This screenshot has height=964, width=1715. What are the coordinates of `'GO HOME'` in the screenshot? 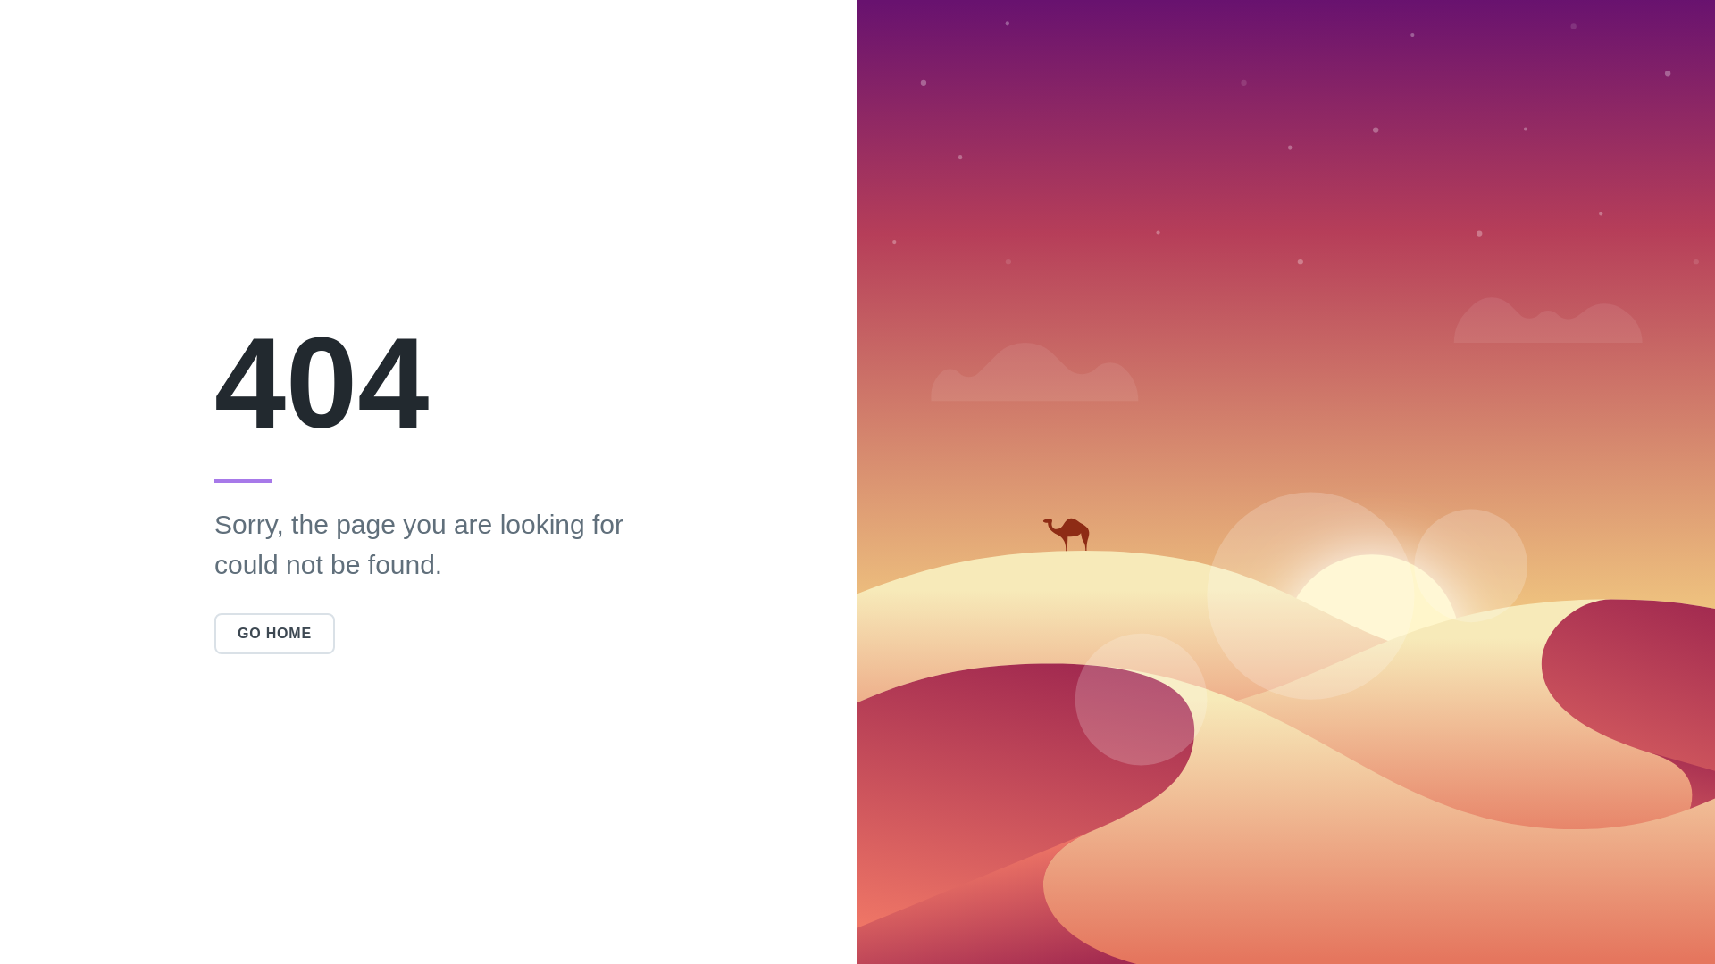 It's located at (273, 632).